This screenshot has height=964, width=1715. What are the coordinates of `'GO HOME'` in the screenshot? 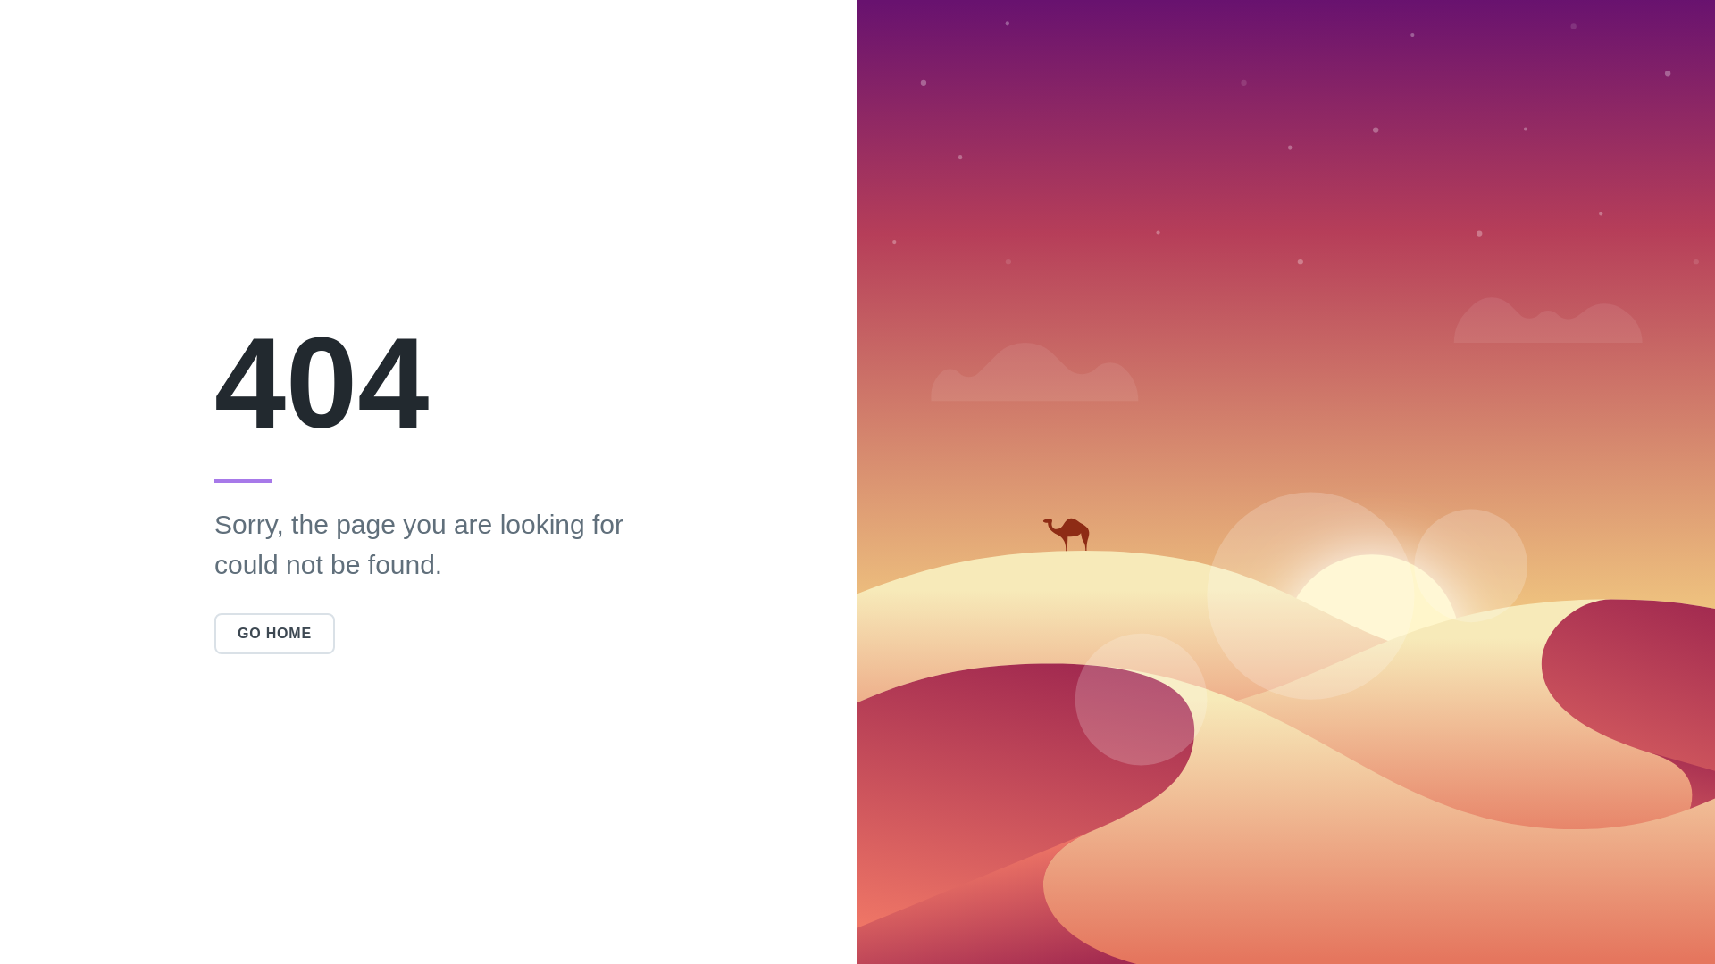 It's located at (273, 632).